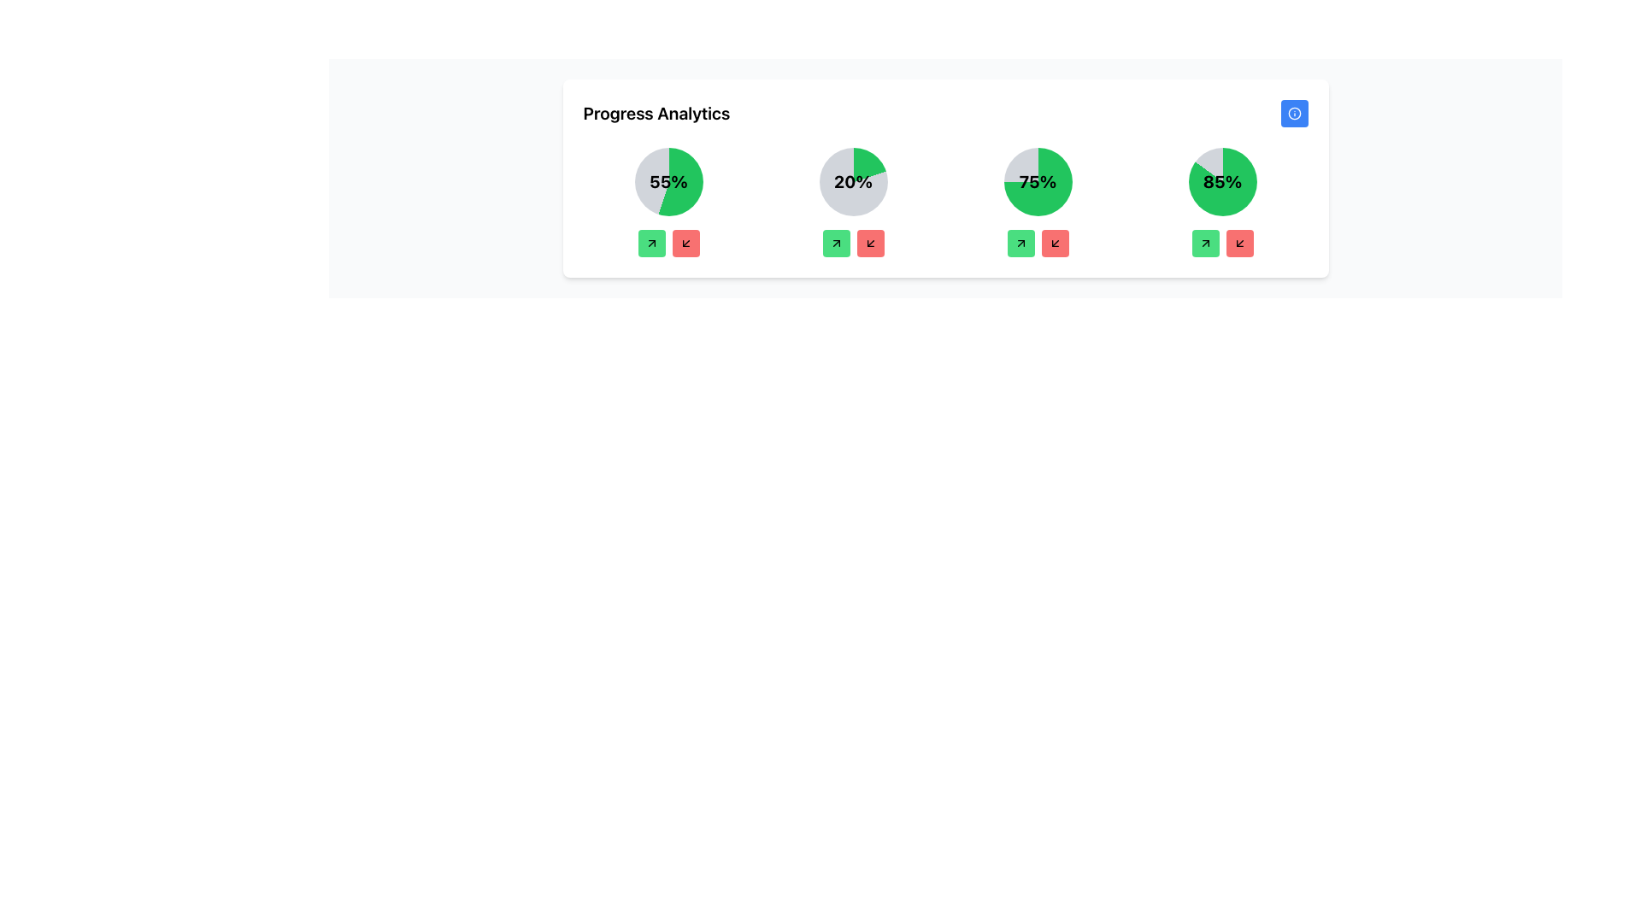 Image resolution: width=1641 pixels, height=923 pixels. What do you see at coordinates (650, 244) in the screenshot?
I see `the upward-right navigation icon located within the green button below the '55%' progress chart in the 'Progress Analytics' card` at bounding box center [650, 244].